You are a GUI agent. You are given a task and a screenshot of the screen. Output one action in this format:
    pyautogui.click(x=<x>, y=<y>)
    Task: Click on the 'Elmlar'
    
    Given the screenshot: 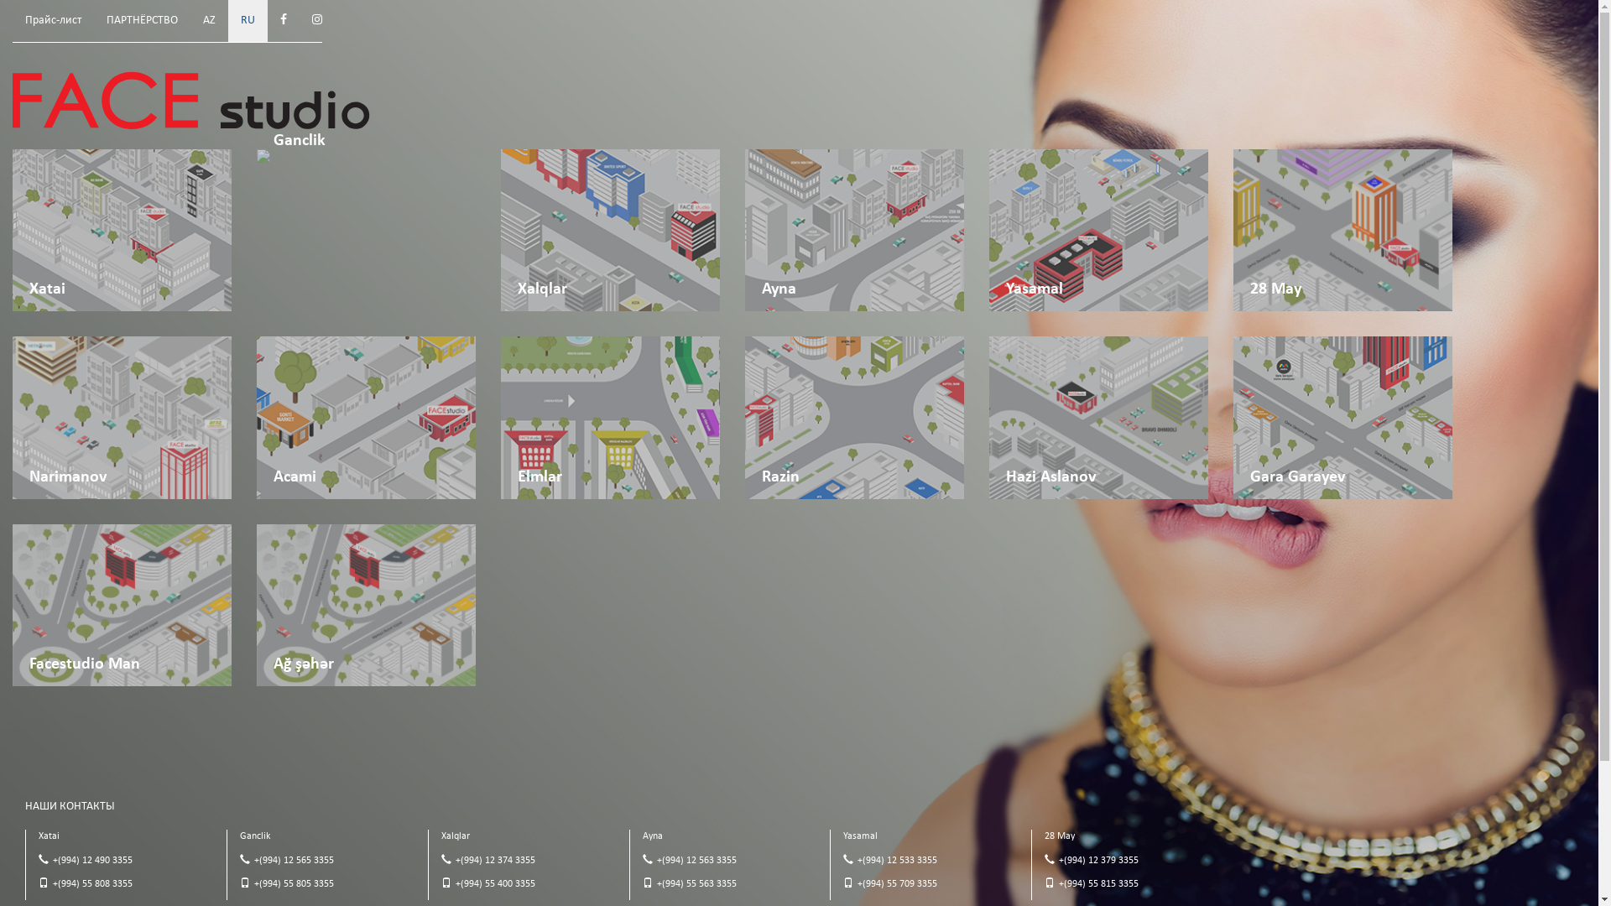 What is the action you would take?
    pyautogui.click(x=609, y=416)
    